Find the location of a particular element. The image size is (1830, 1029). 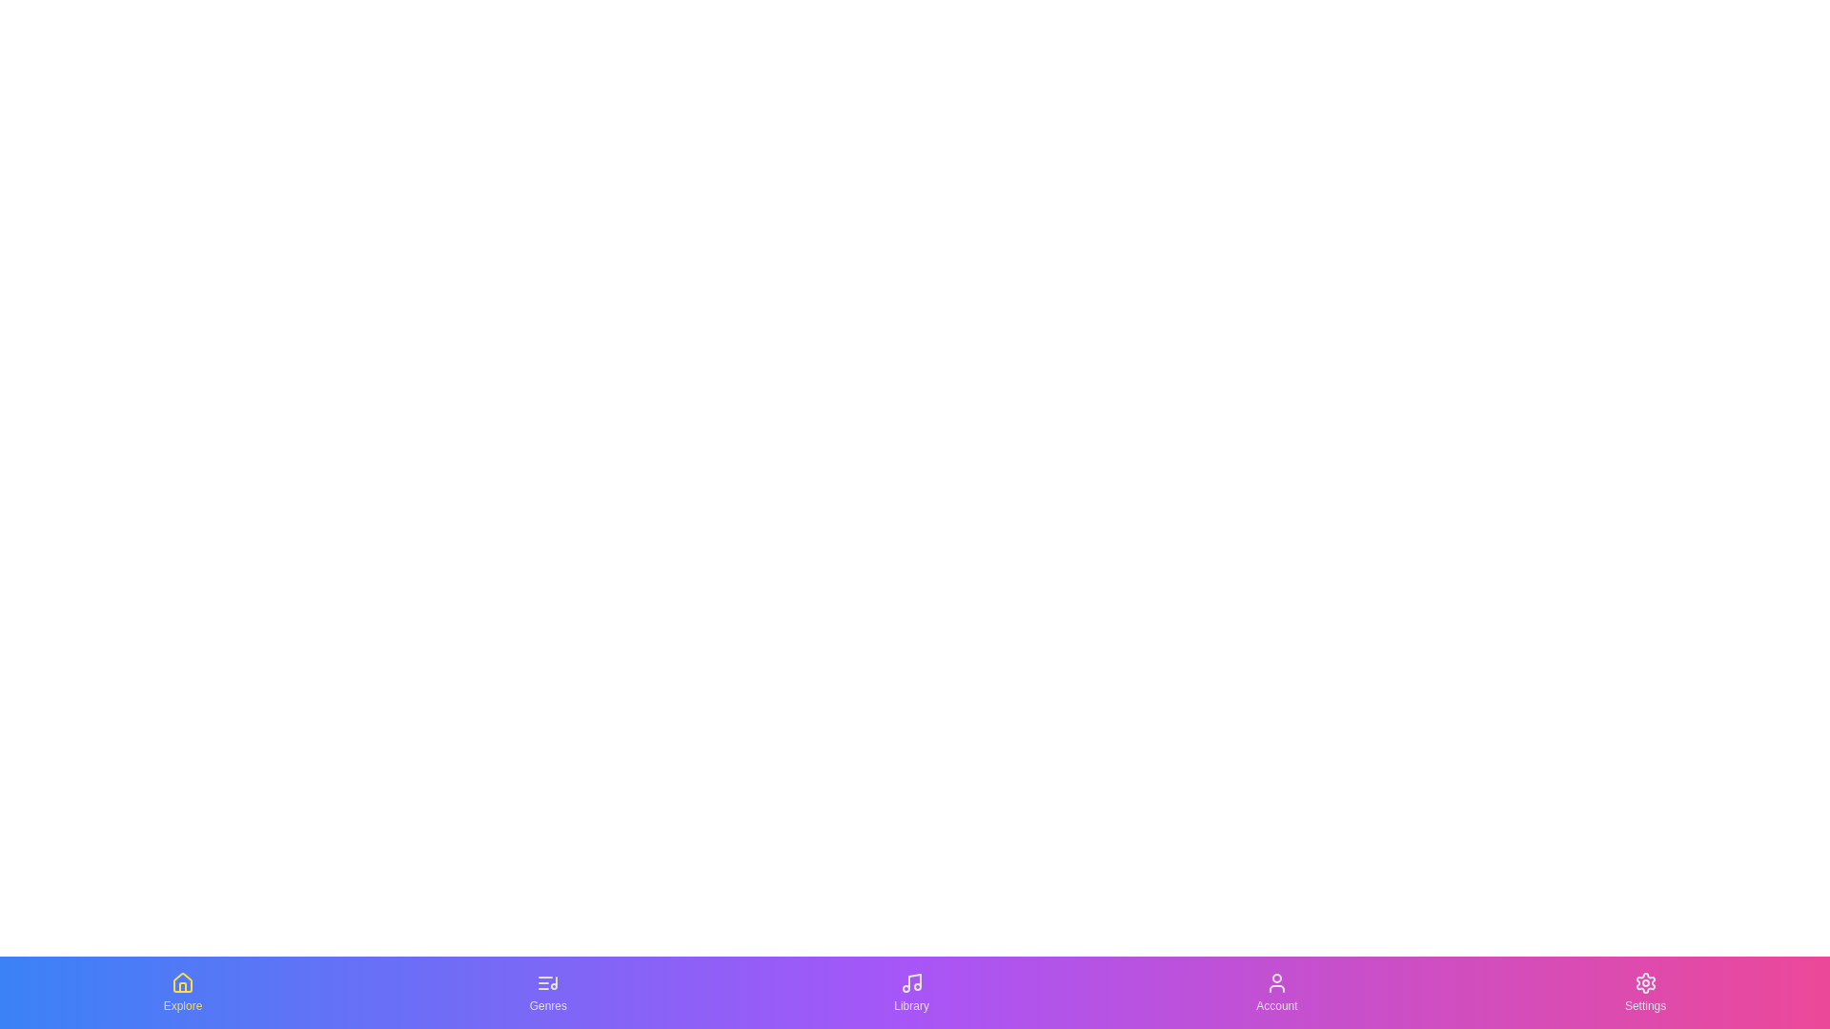

the Library tab to observe the hover effect is located at coordinates (909, 991).